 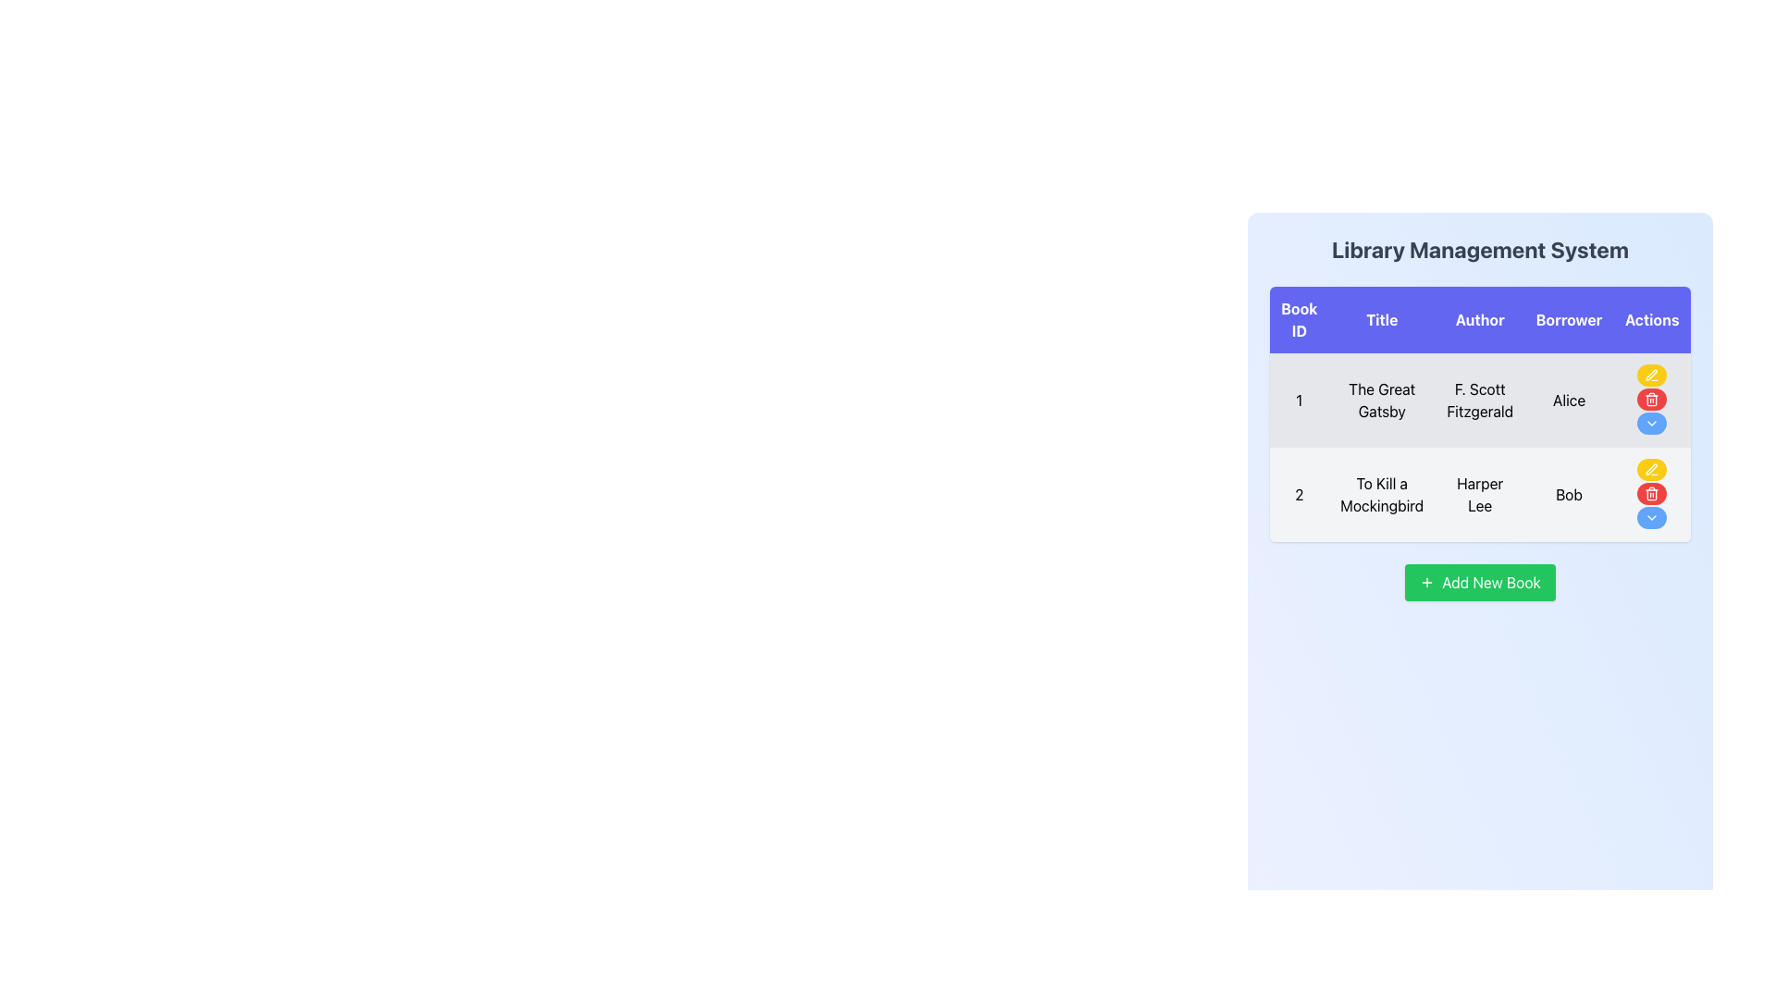 I want to click on the delete button located in the 'Actions' column of the second row in the table, so click(x=1652, y=492).